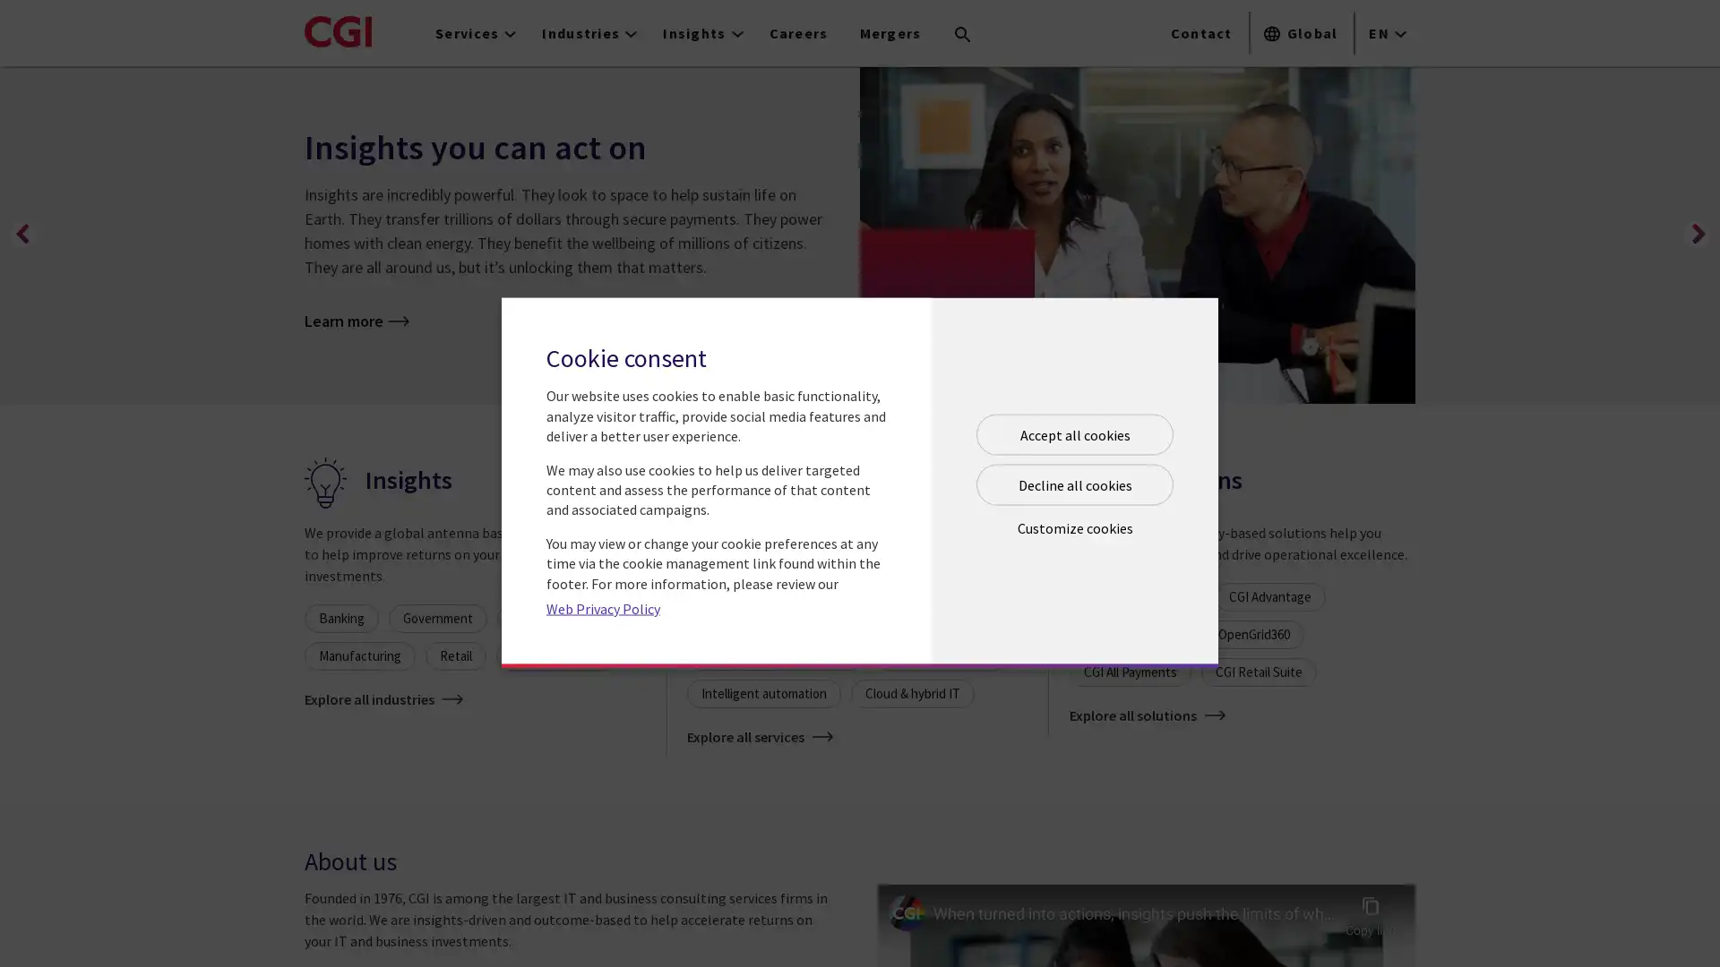 The image size is (1720, 967). I want to click on Search terms, so click(962, 35).